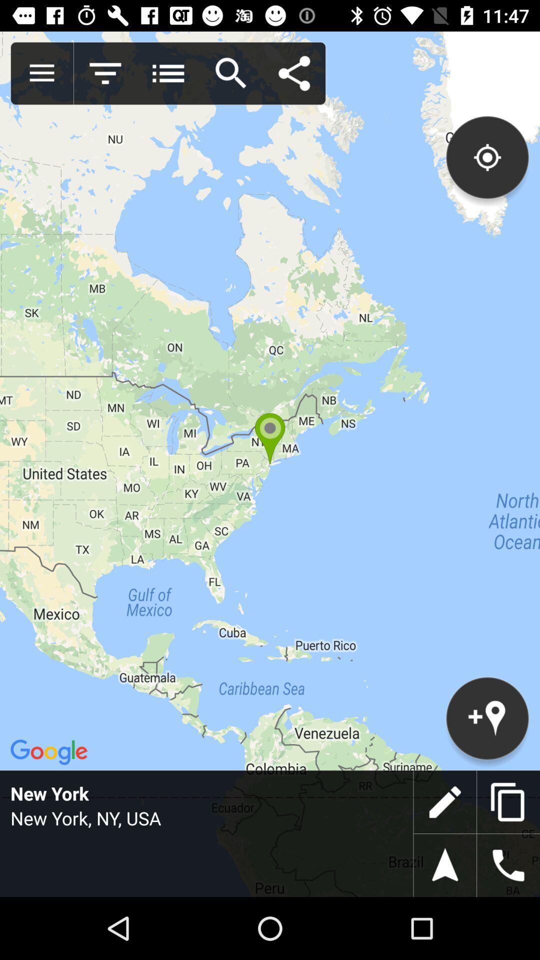 Image resolution: width=540 pixels, height=960 pixels. I want to click on show all menu, so click(41, 73).